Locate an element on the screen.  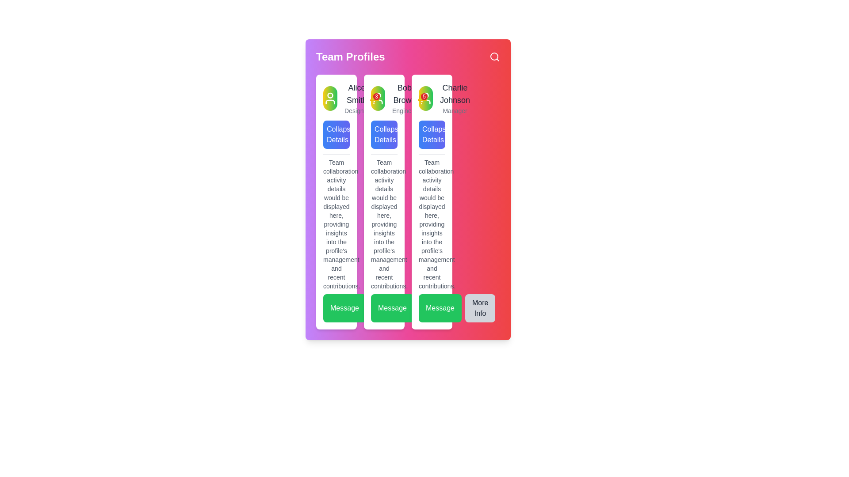
the 'Alice Smith' text label, which is displayed in gray and is part of the information card in the 'Team Profiles' interface is located at coordinates (356, 94).